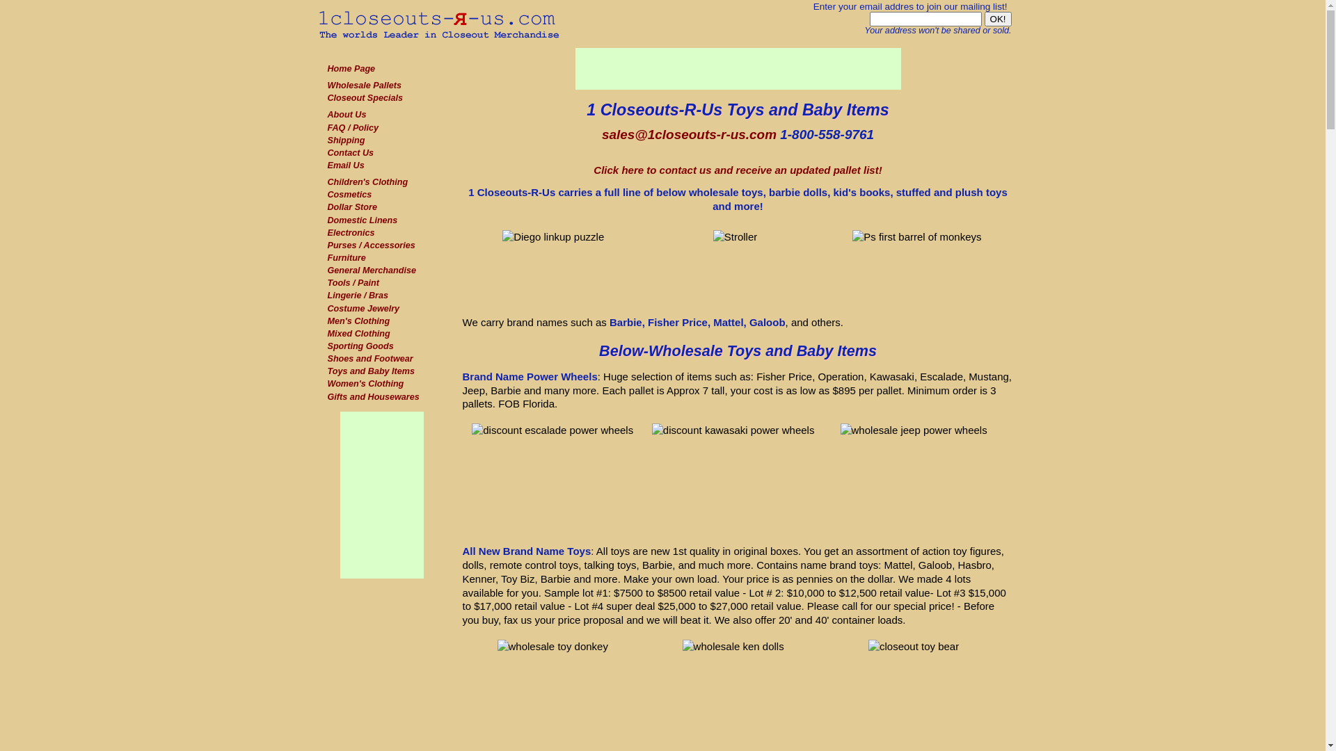 The image size is (1336, 751). What do you see at coordinates (351, 207) in the screenshot?
I see `'Dollar Store'` at bounding box center [351, 207].